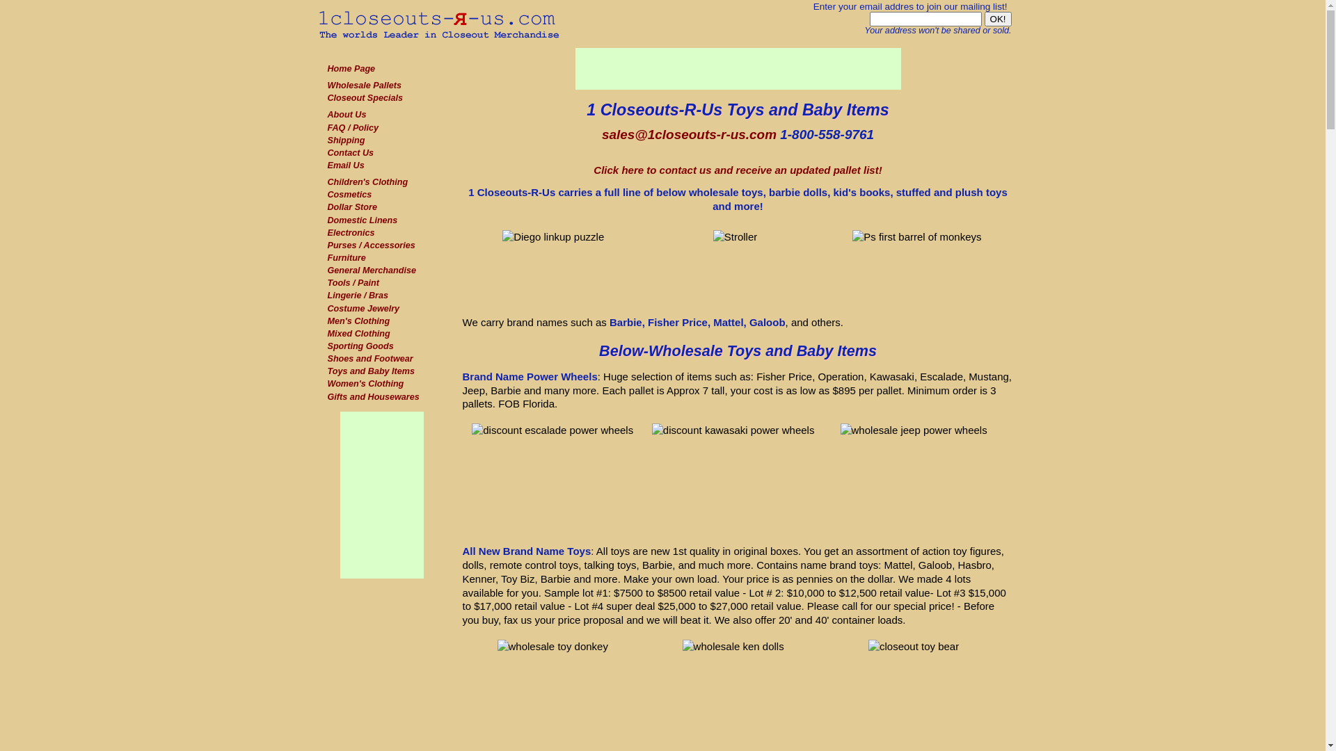 The image size is (1336, 751). What do you see at coordinates (351, 207) in the screenshot?
I see `'Dollar Store'` at bounding box center [351, 207].